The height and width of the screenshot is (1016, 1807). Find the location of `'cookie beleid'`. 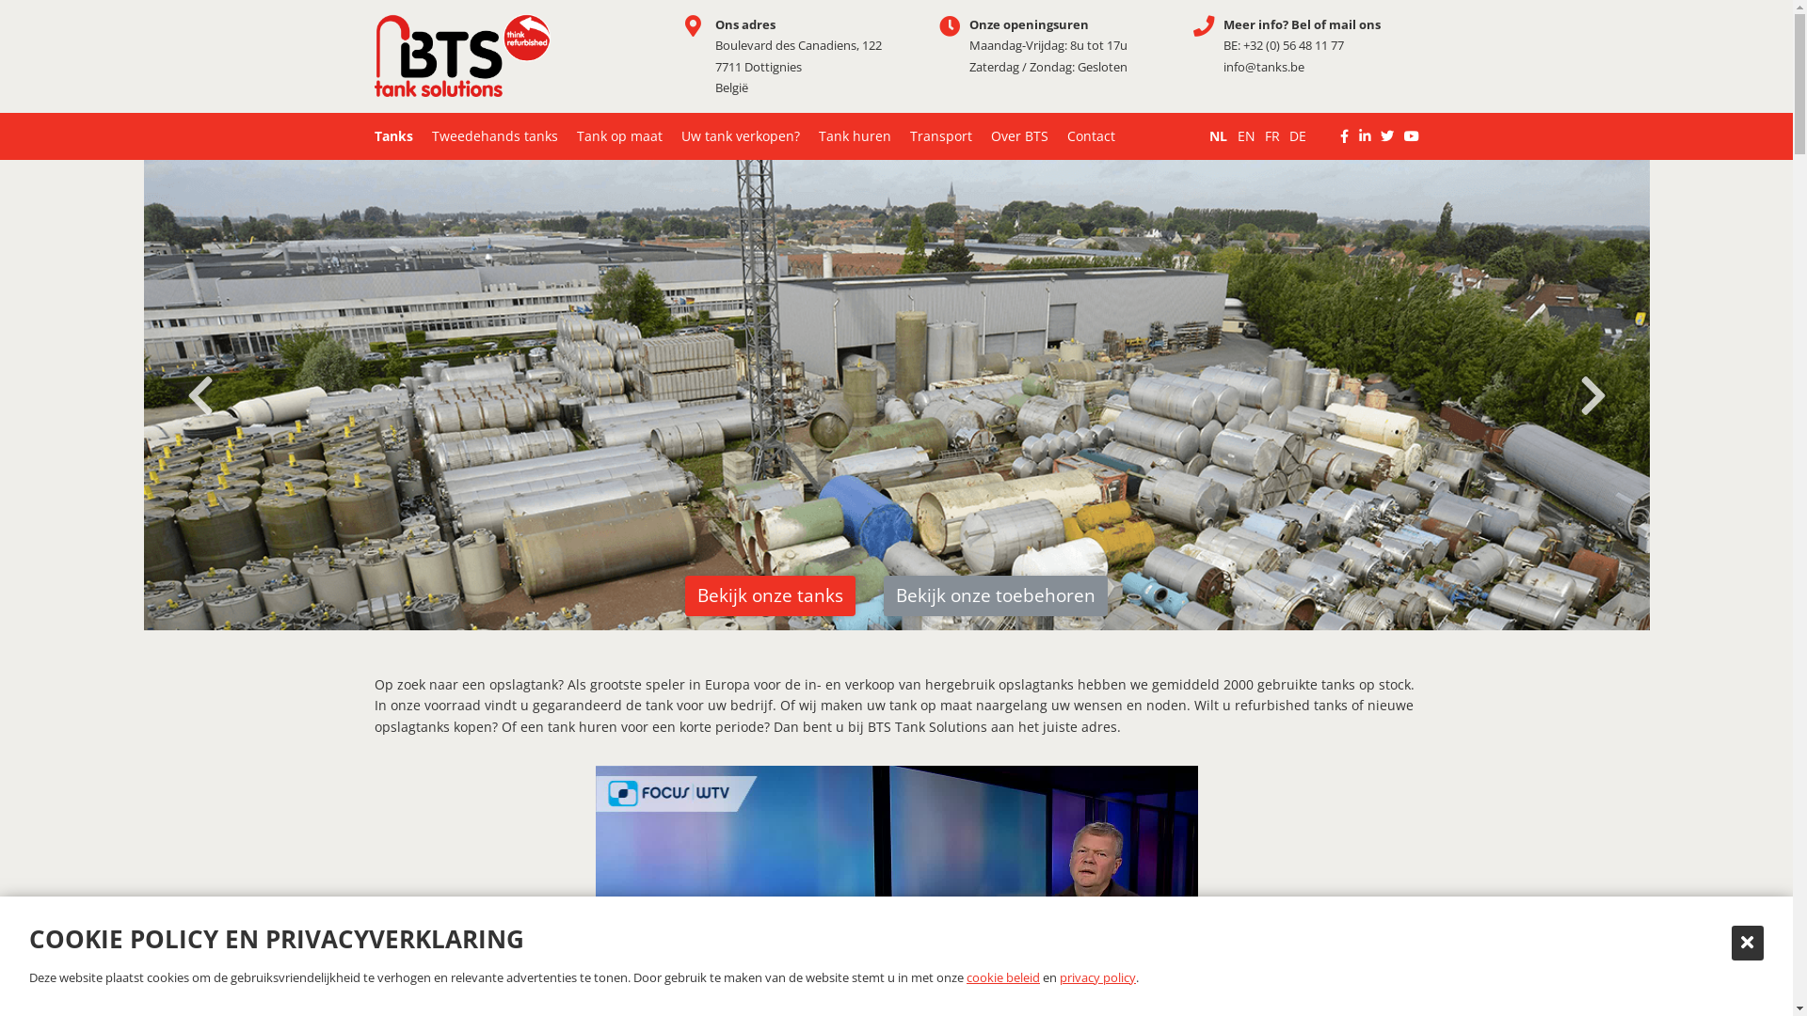

'cookie beleid' is located at coordinates (1001, 976).